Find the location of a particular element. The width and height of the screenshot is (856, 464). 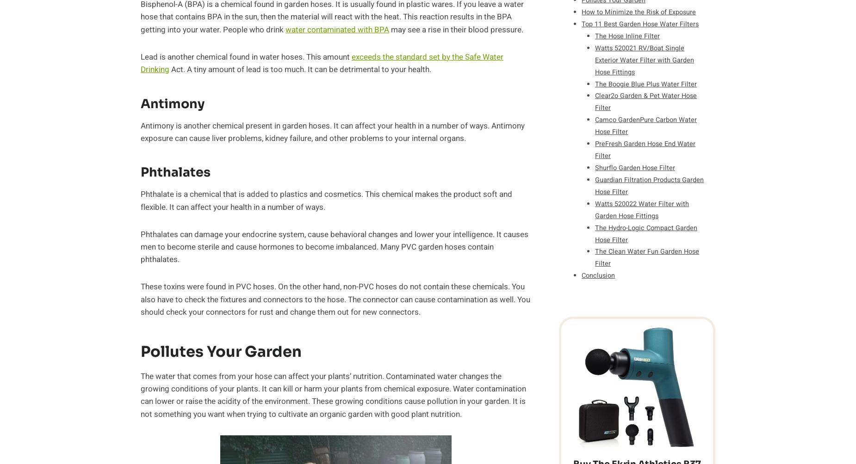

'PreFresh Garden Hose End Water Filter' is located at coordinates (645, 150).